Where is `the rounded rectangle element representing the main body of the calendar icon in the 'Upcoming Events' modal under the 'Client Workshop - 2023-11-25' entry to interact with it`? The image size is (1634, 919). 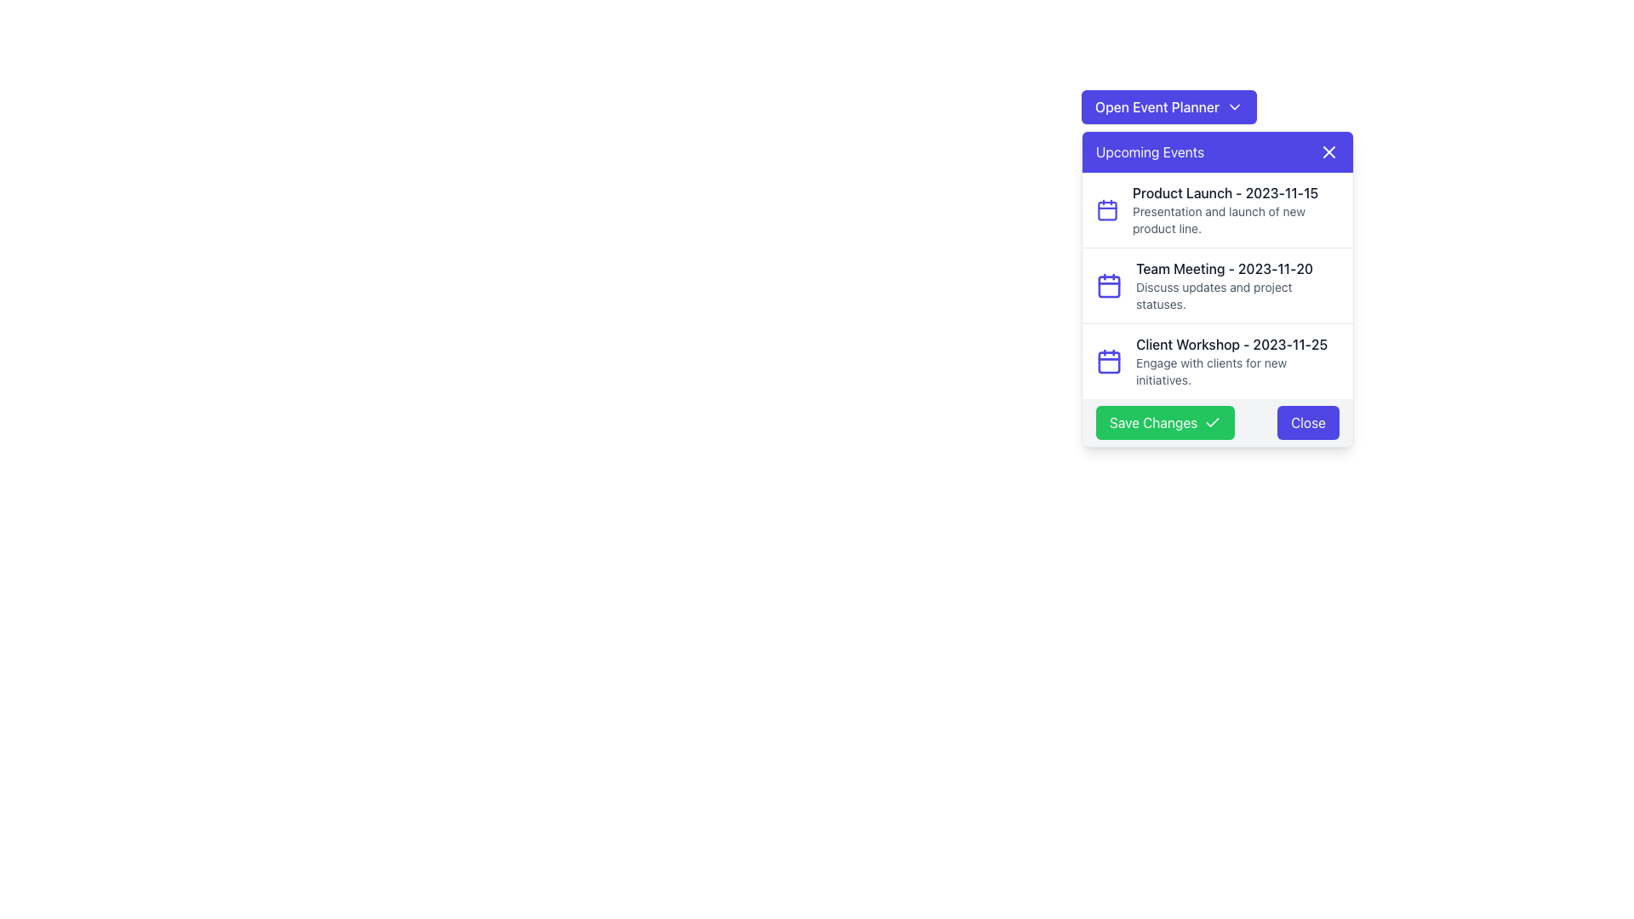
the rounded rectangle element representing the main body of the calendar icon in the 'Upcoming Events' modal under the 'Client Workshop - 2023-11-25' entry to interact with it is located at coordinates (1109, 362).